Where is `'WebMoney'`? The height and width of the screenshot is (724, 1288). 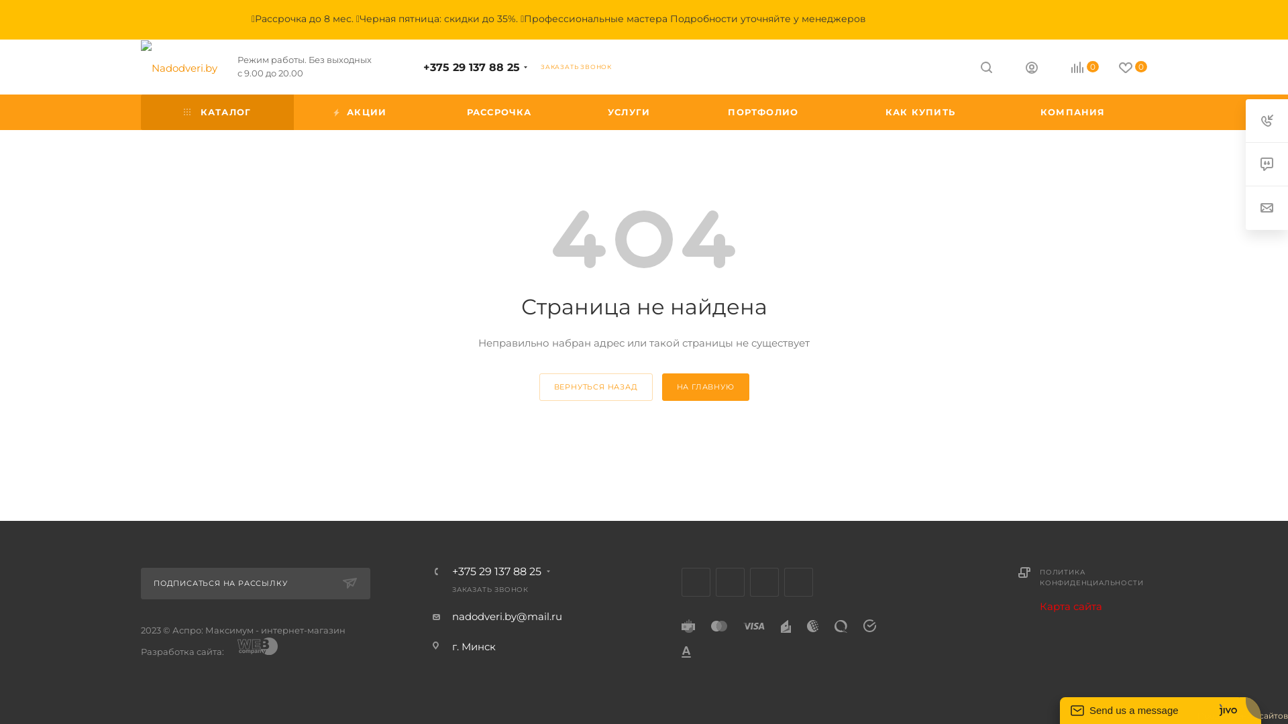
'WebMoney' is located at coordinates (812, 625).